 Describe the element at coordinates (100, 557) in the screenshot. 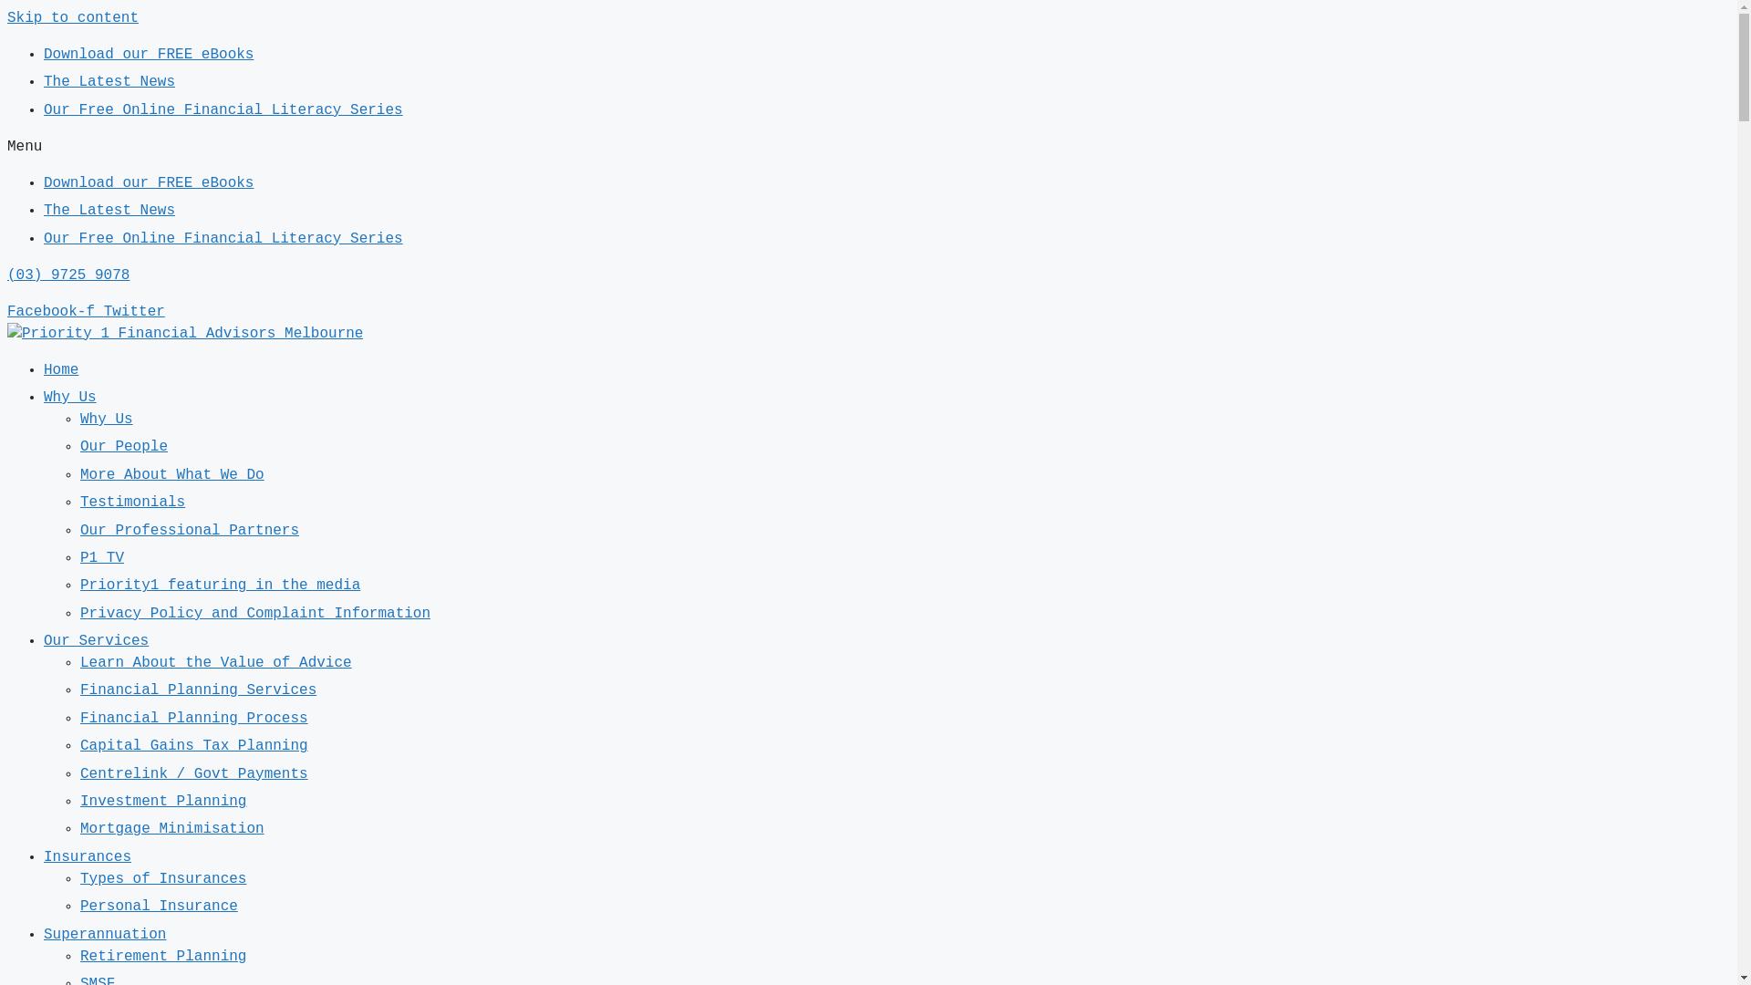

I see `'P1 TV'` at that location.